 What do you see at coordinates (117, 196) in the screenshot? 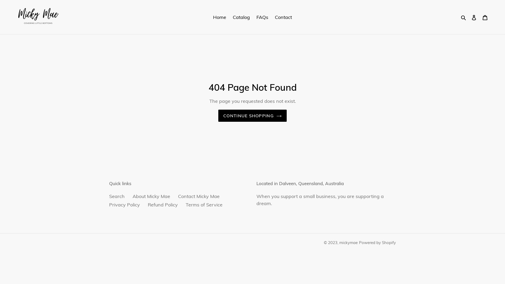
I see `'Search'` at bounding box center [117, 196].